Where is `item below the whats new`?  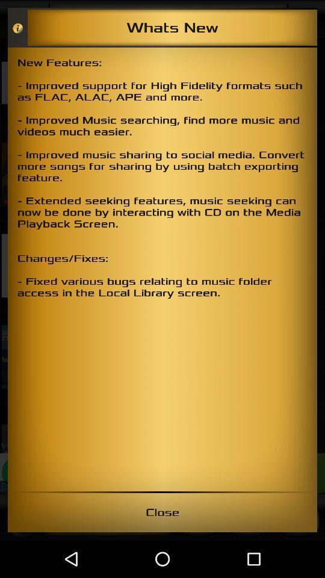 item below the whats new is located at coordinates (162, 269).